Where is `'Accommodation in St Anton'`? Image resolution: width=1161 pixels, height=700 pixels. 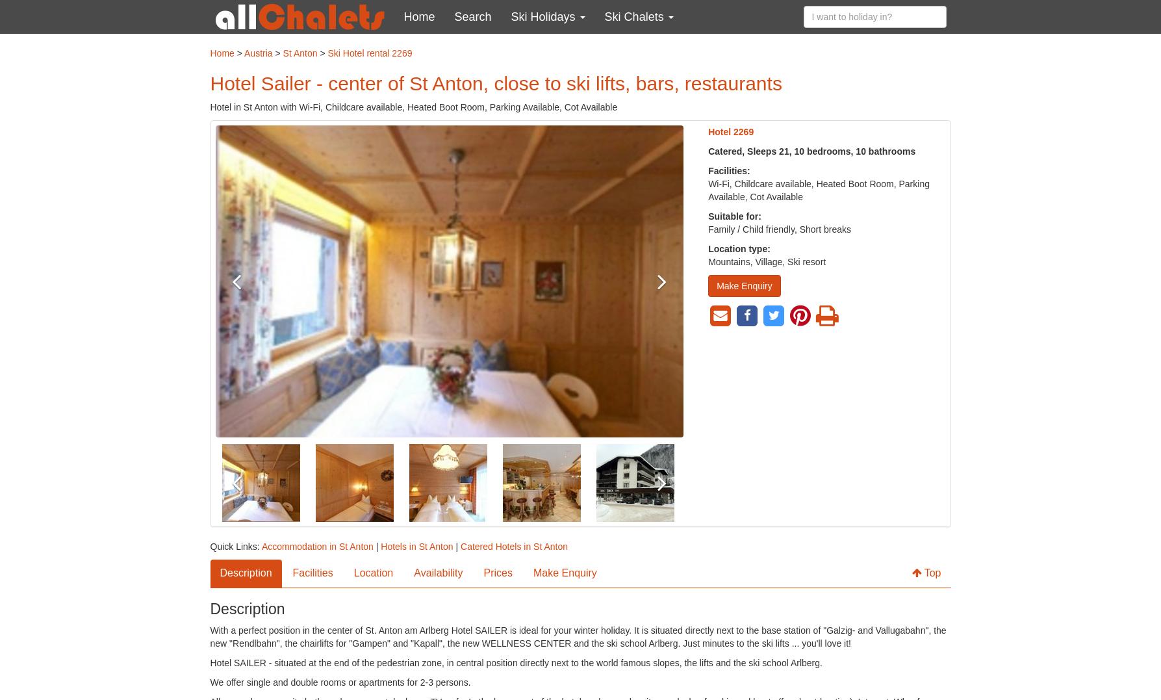 'Accommodation in St Anton' is located at coordinates (261, 546).